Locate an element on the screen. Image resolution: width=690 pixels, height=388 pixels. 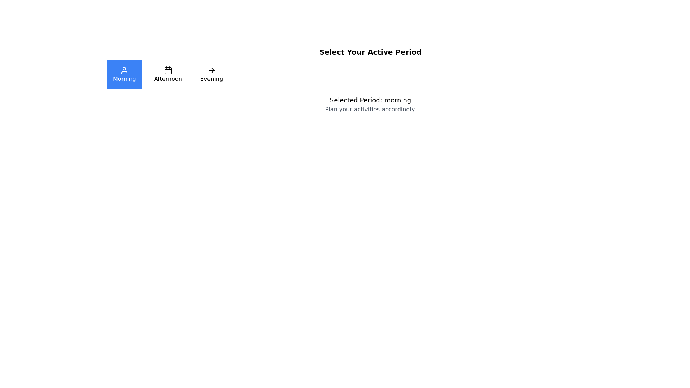
the 'Morning' label text located below the user icon on the first blue button in a row of three options is located at coordinates (124, 79).